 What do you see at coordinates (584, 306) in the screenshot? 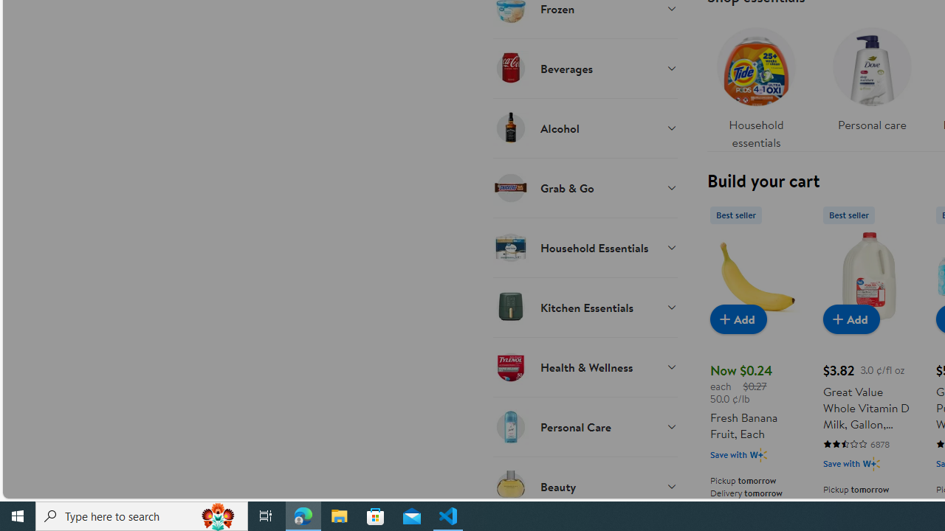
I see `'Kitchen Essentials'` at bounding box center [584, 306].